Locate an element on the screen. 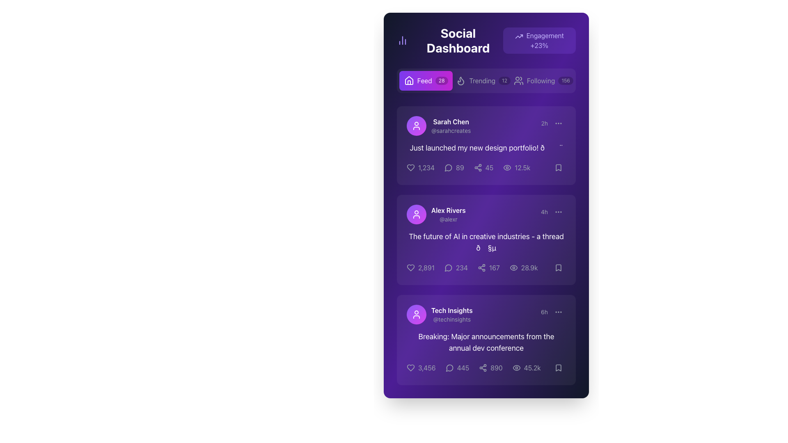 This screenshot has width=788, height=443. the SVG icon for replies or comments located on the right side of the interaction bar underneath Alex Rivers' post is located at coordinates (448, 267).